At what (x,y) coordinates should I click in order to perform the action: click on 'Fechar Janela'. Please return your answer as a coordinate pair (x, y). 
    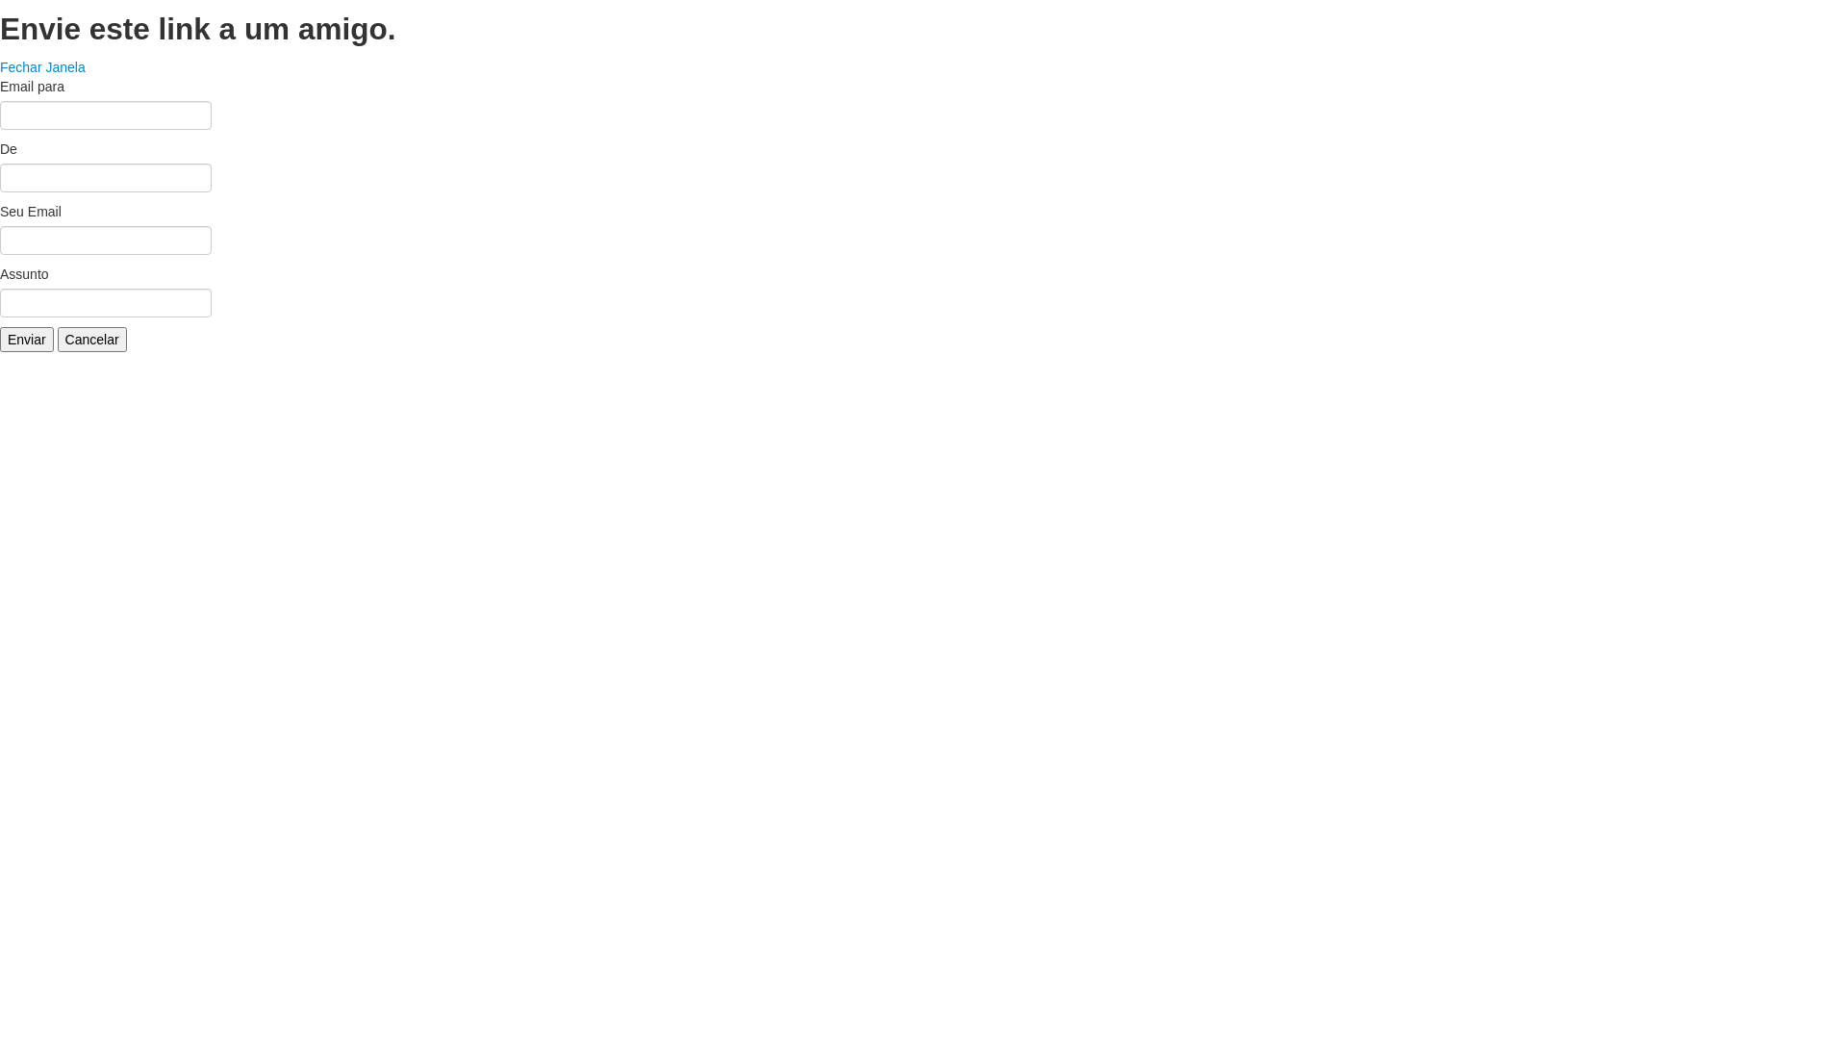
    Looking at the image, I should click on (42, 65).